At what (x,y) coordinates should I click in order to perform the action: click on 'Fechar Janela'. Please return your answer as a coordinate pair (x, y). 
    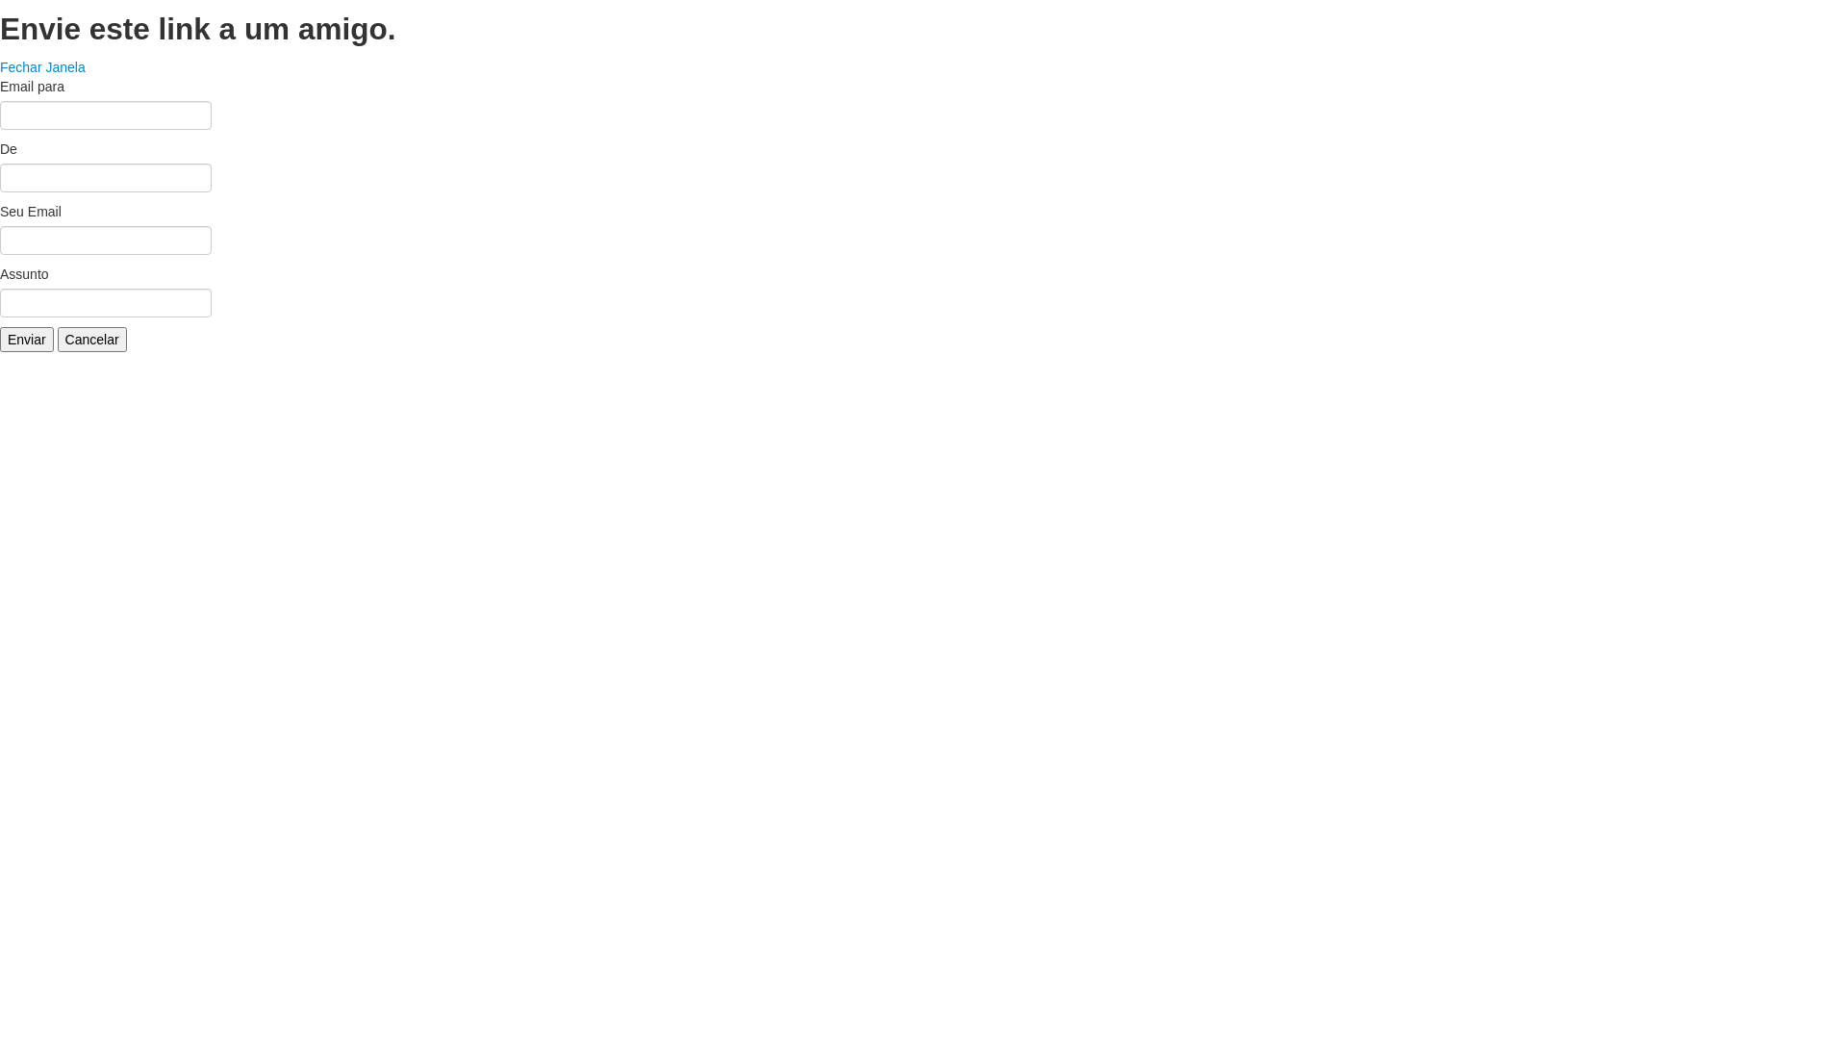
    Looking at the image, I should click on (42, 65).